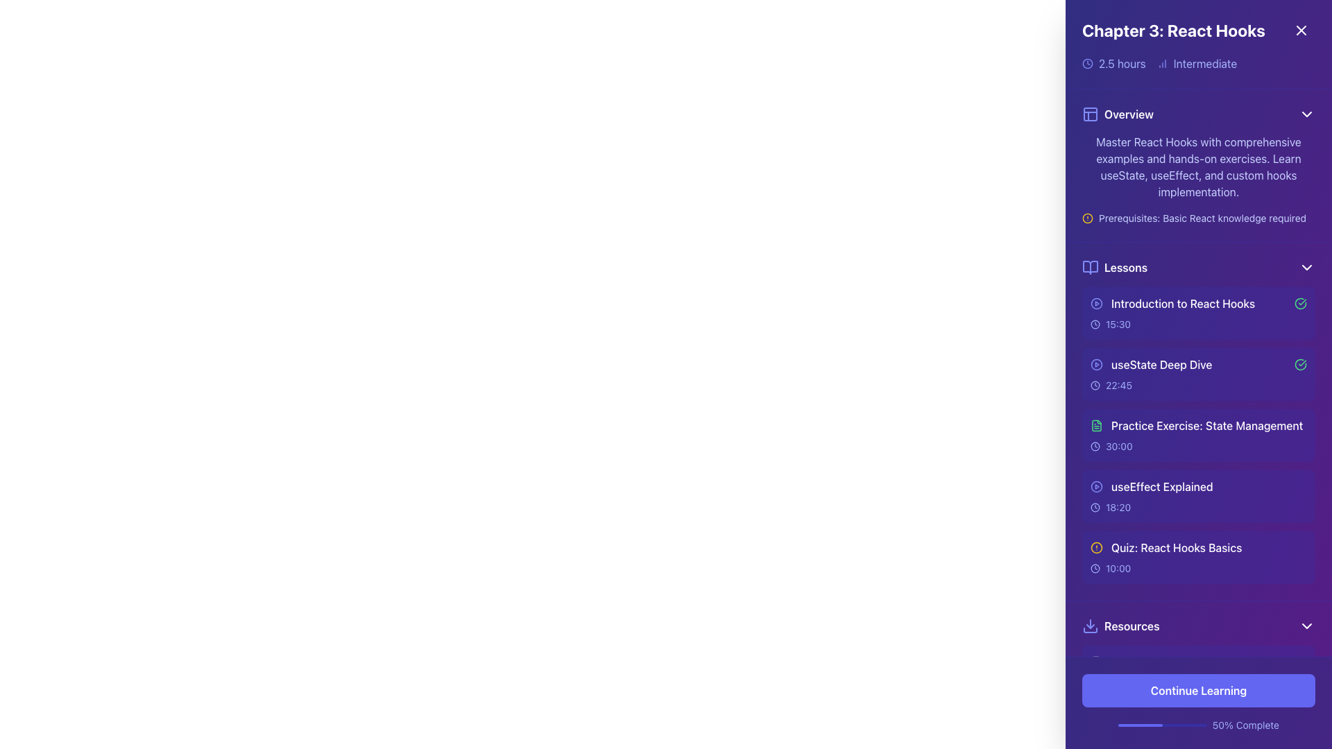 The width and height of the screenshot is (1332, 749). I want to click on the 'Lessons' section icon located in the right sidebar, which visually represents the content of the section and is positioned to the left of the label 'Lessons', so click(1089, 267).